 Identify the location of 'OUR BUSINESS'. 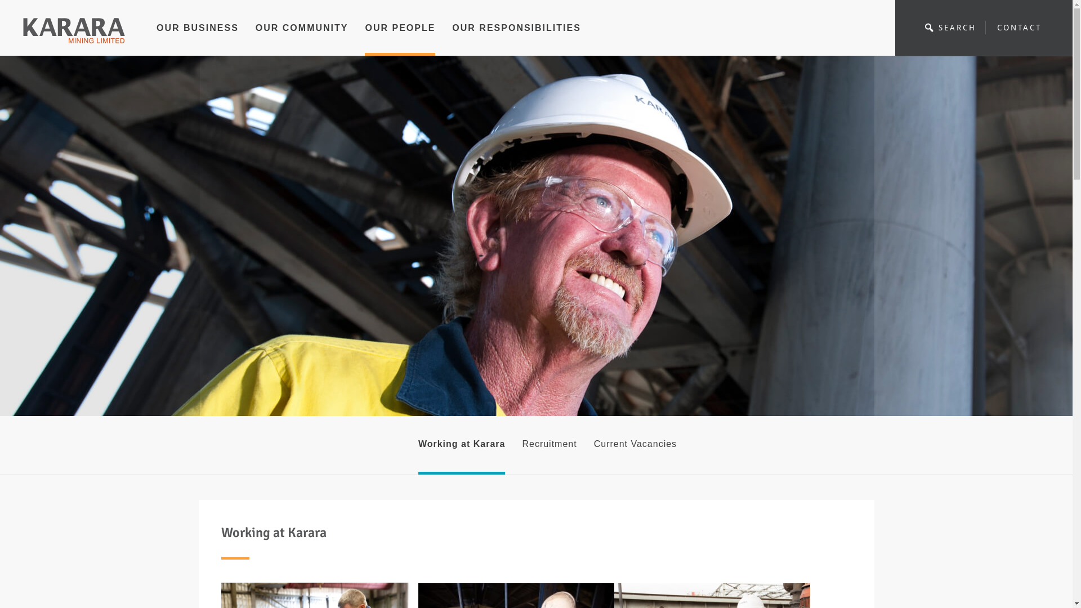
(156, 38).